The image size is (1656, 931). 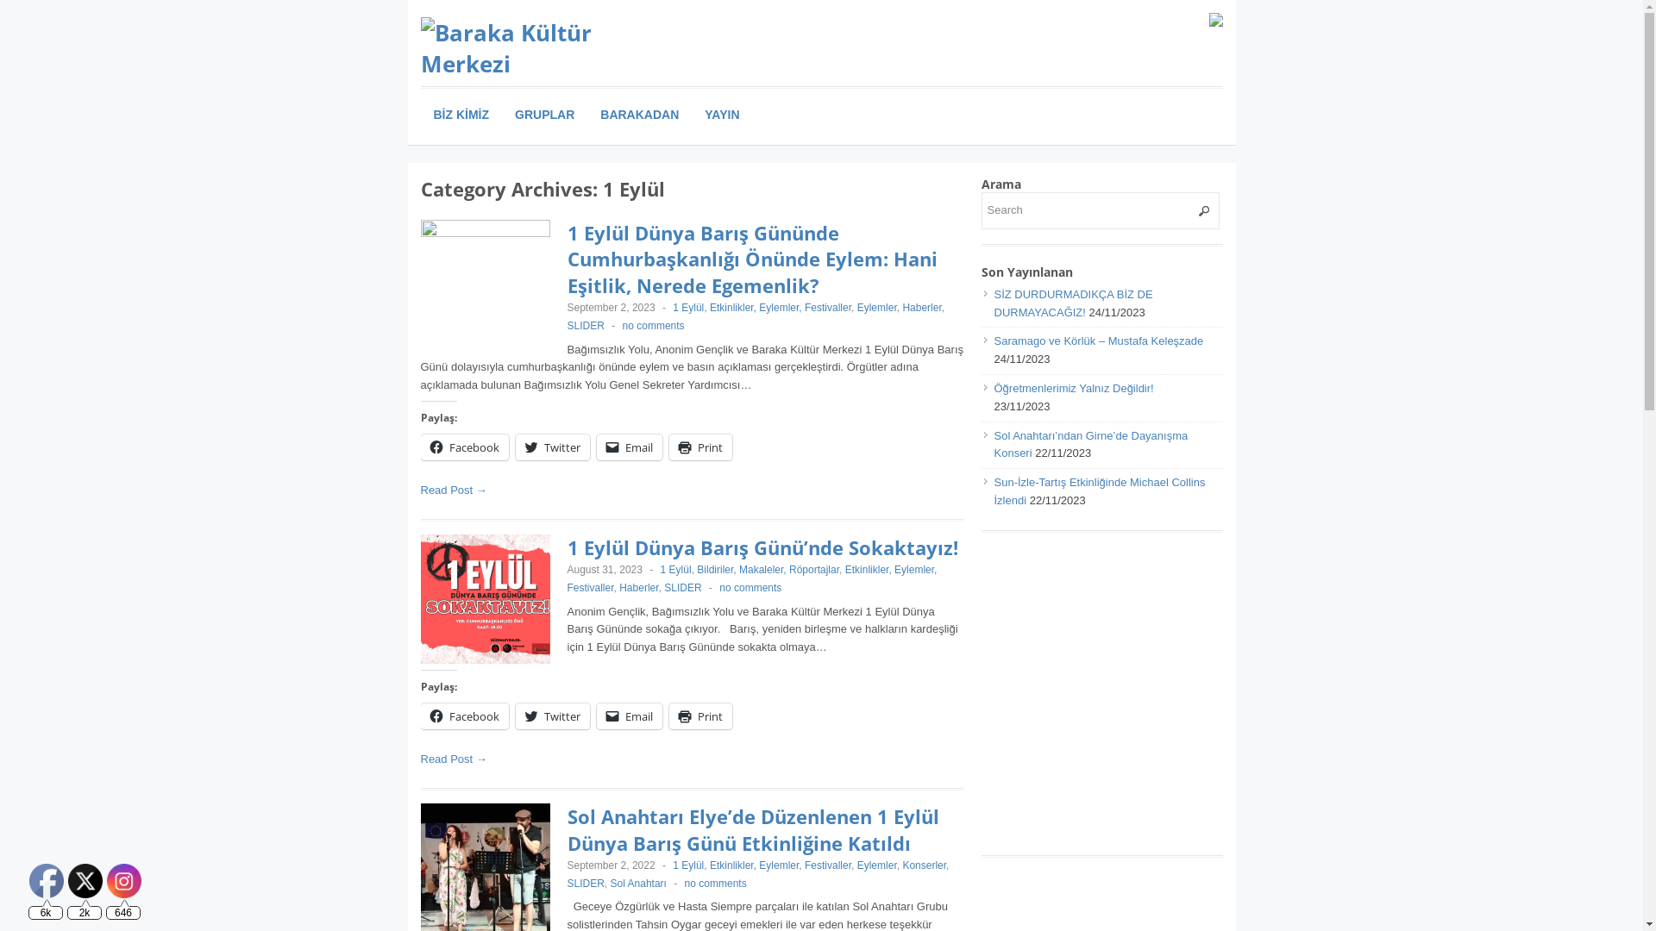 I want to click on 'Etkinlikler, Eylemler, Festivaller', so click(x=709, y=307).